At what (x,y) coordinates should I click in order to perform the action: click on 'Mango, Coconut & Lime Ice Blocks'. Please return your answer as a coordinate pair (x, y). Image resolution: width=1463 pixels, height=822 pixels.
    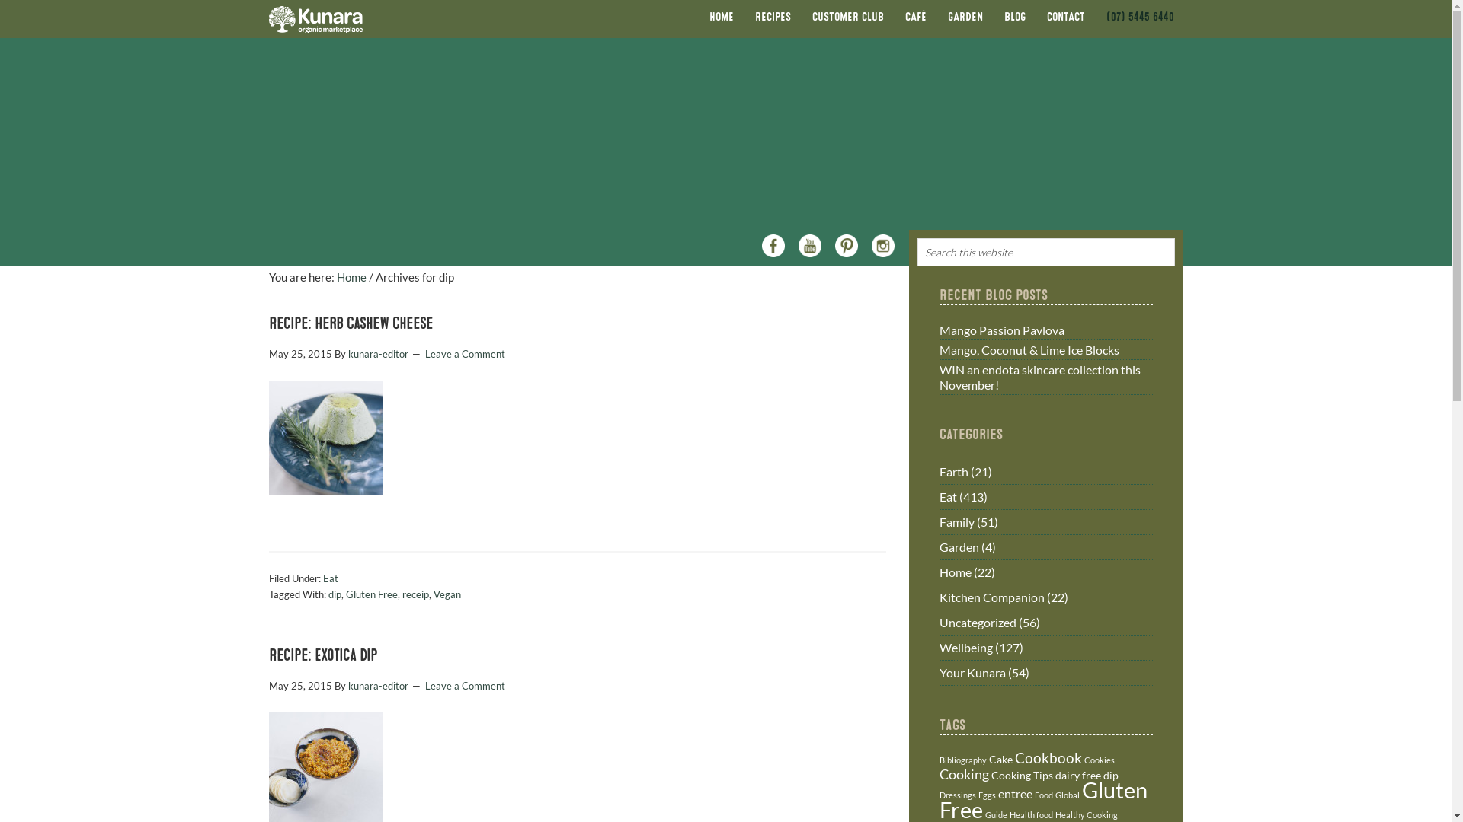
    Looking at the image, I should click on (1028, 349).